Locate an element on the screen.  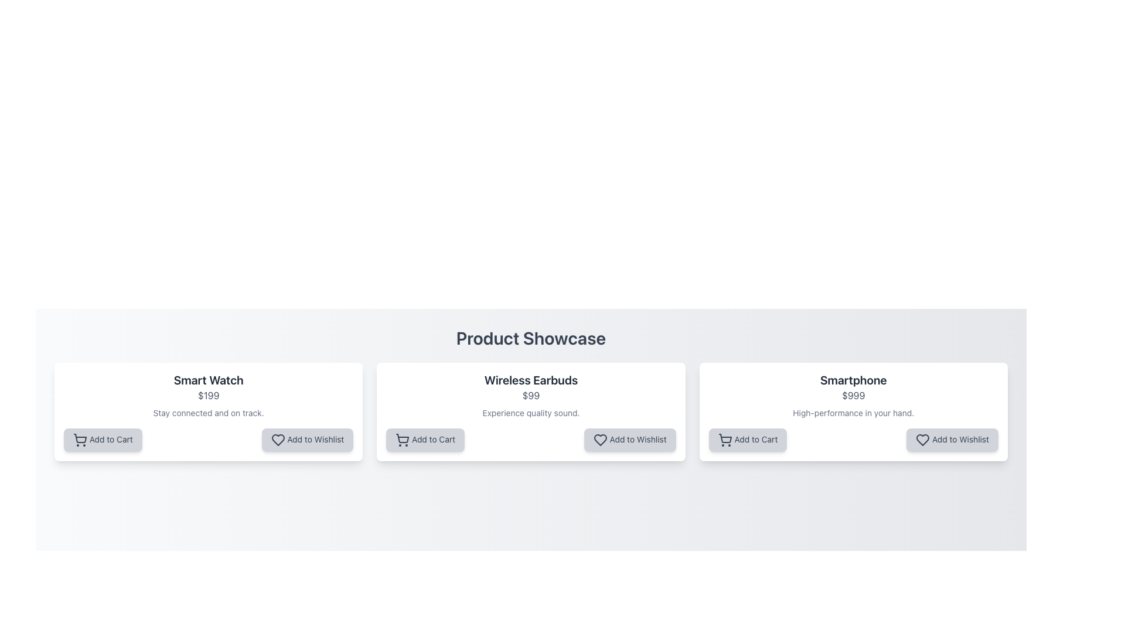
the text label that says 'Stay connected and on track.' located below the price label in the Smart Watch product card is located at coordinates (209, 413).